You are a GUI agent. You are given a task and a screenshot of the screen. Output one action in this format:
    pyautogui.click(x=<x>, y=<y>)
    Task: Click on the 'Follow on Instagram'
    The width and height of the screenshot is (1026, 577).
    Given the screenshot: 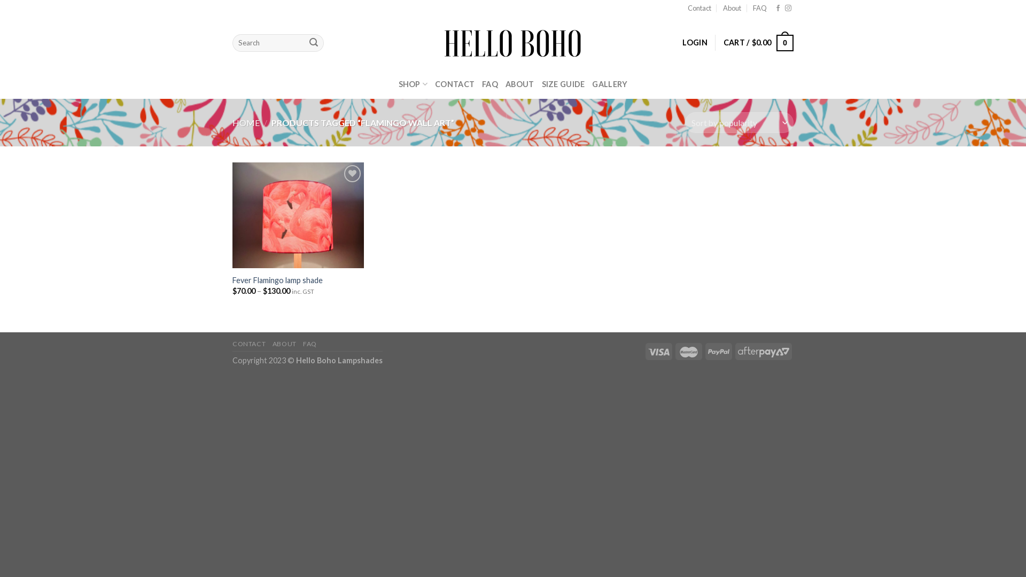 What is the action you would take?
    pyautogui.click(x=784, y=8)
    